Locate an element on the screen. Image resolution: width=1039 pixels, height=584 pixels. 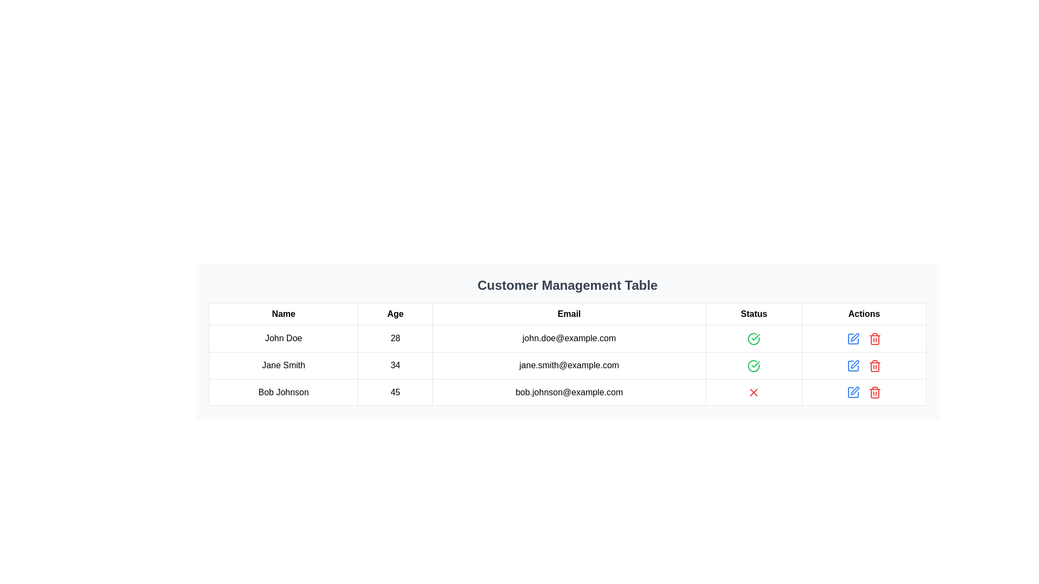
the edit action button located in the 'Actions' column of the second row is located at coordinates (853, 338).